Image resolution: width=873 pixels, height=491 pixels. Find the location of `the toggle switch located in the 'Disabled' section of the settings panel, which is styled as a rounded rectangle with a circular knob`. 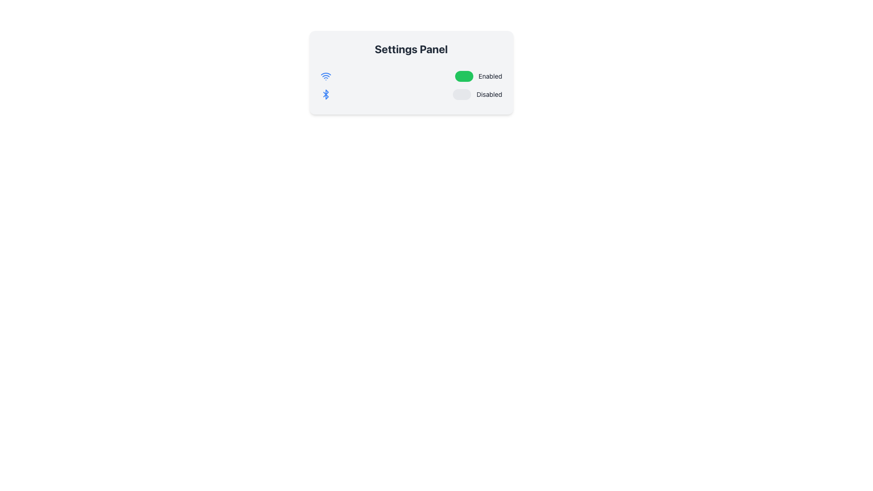

the toggle switch located in the 'Disabled' section of the settings panel, which is styled as a rounded rectangle with a circular knob is located at coordinates (462, 95).